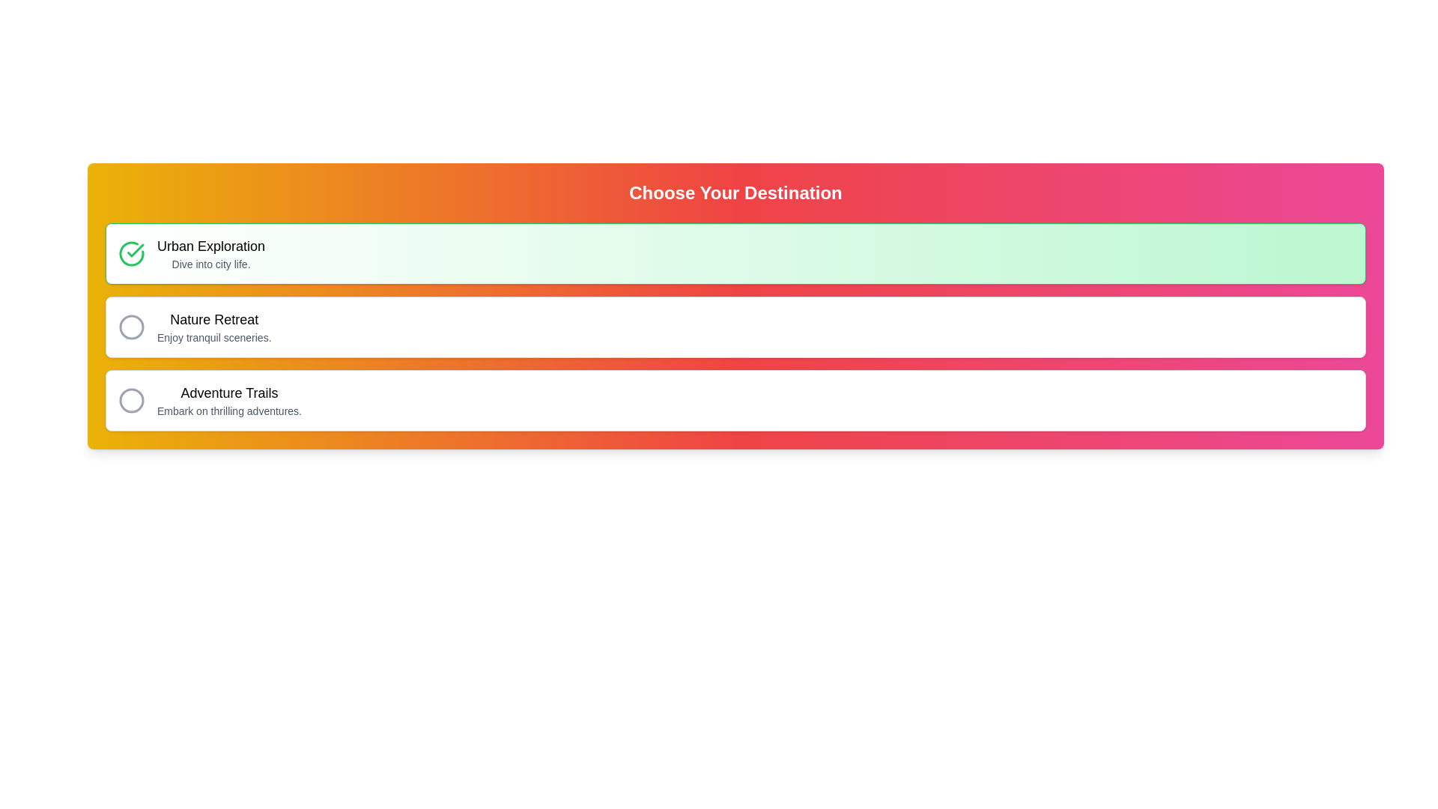  Describe the element at coordinates (228, 400) in the screenshot. I see `the text label group containing the title 'Adventure Trails' and subtitle 'Embark on thrilling adventures'` at that location.